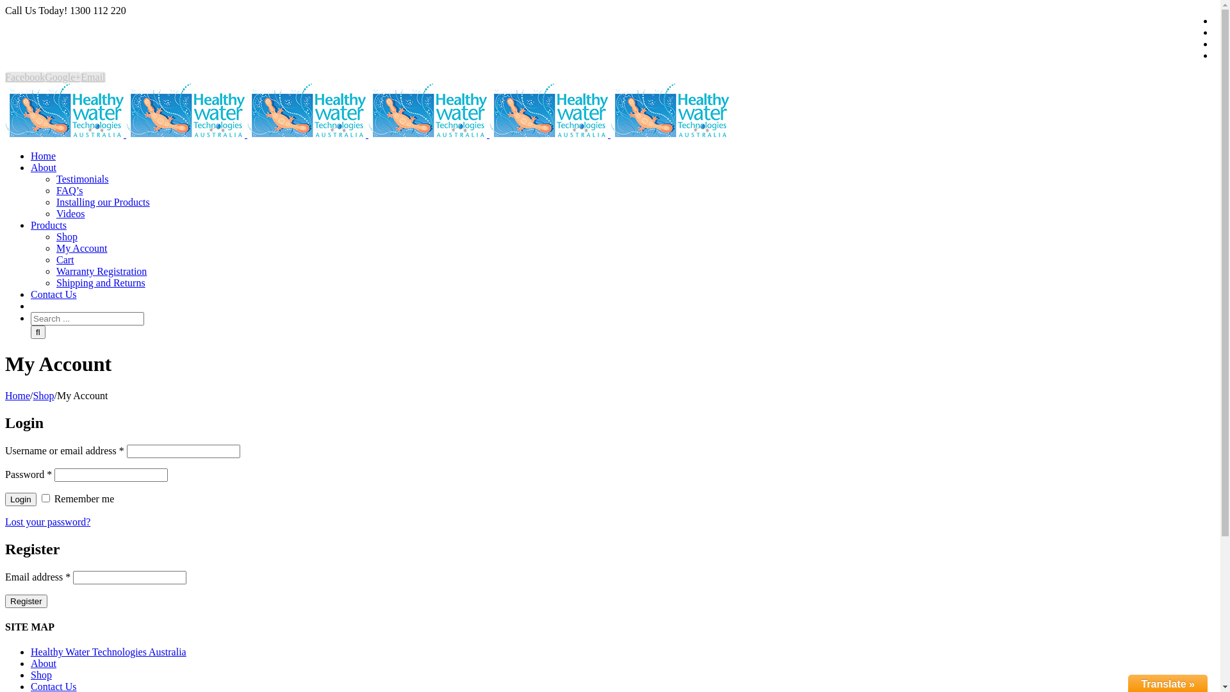  Describe the element at coordinates (41, 674) in the screenshot. I see `'Shop'` at that location.